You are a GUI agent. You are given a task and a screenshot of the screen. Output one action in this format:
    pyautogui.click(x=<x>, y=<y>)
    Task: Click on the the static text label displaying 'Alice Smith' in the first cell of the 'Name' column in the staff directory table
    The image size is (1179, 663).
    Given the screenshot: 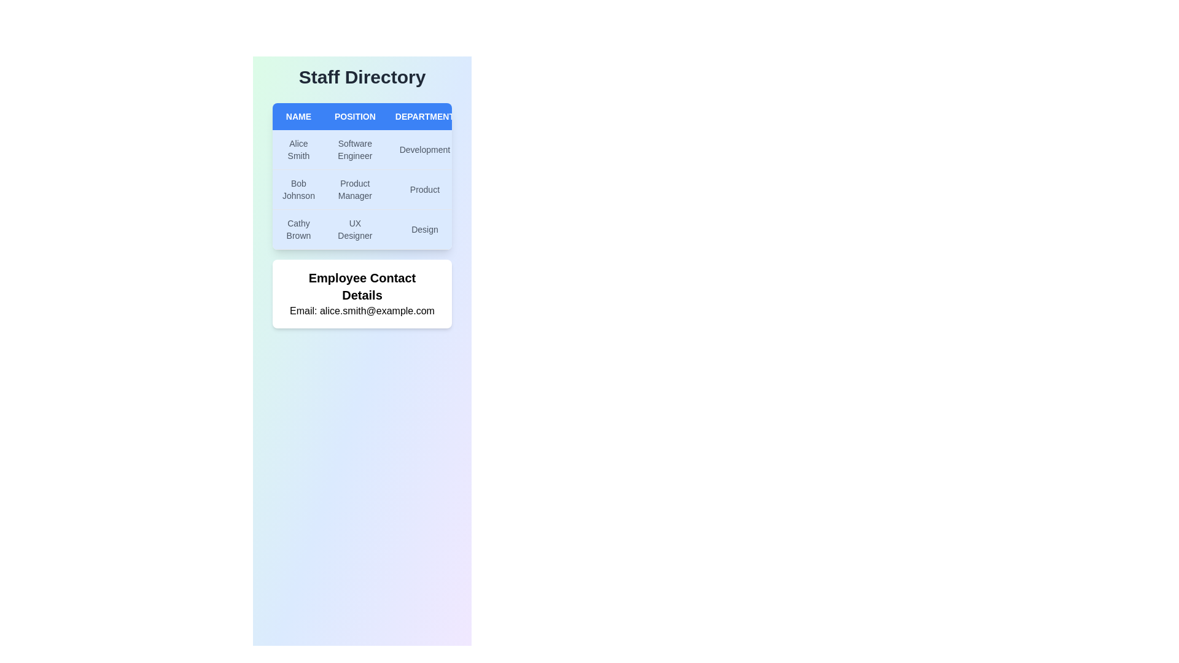 What is the action you would take?
    pyautogui.click(x=298, y=149)
    